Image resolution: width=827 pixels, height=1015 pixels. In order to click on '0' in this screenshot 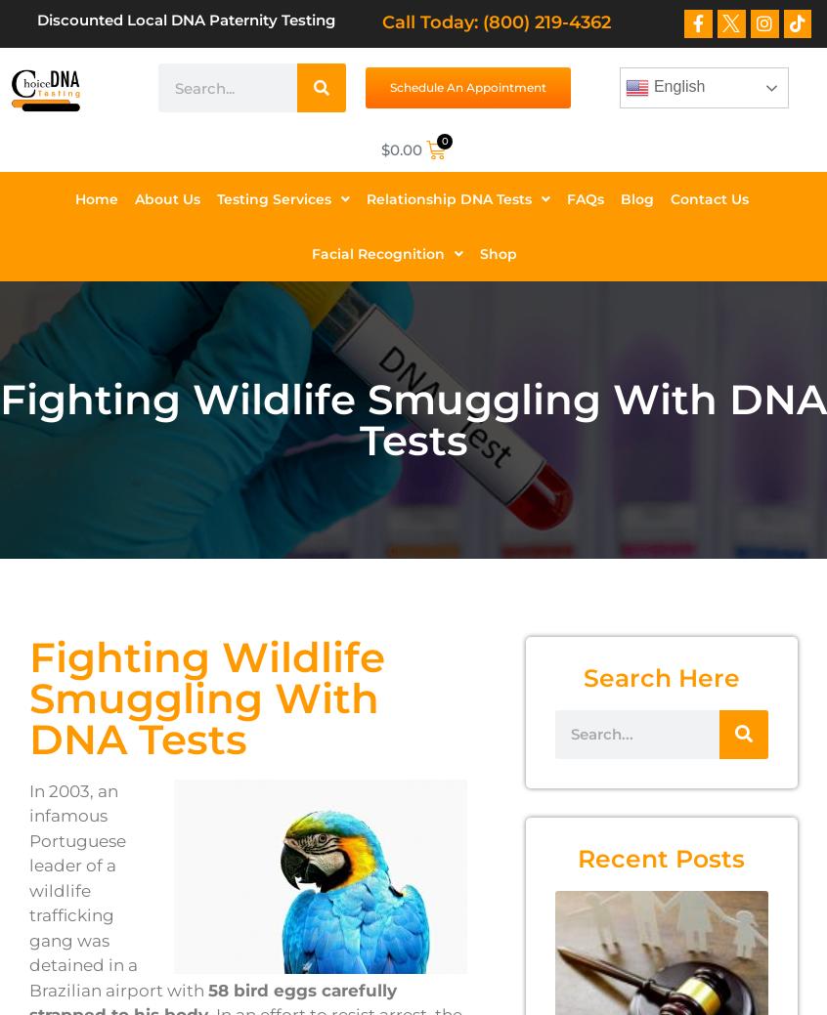, I will do `click(443, 139)`.